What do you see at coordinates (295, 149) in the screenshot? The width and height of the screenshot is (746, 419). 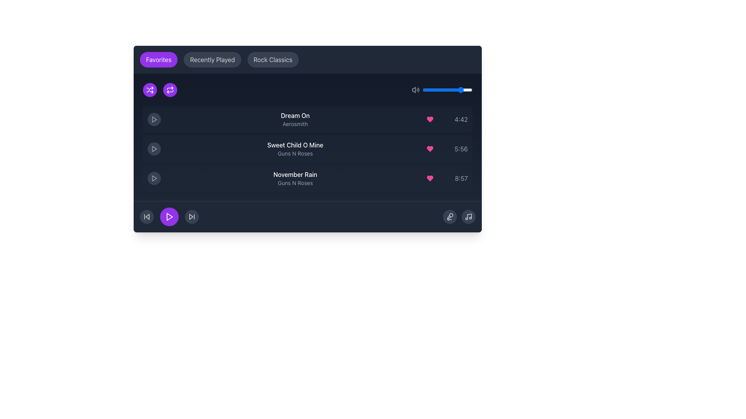 I see `the label displaying the title and artist of the second song entry in the playlist, located between the play button and the song duration icons` at bounding box center [295, 149].